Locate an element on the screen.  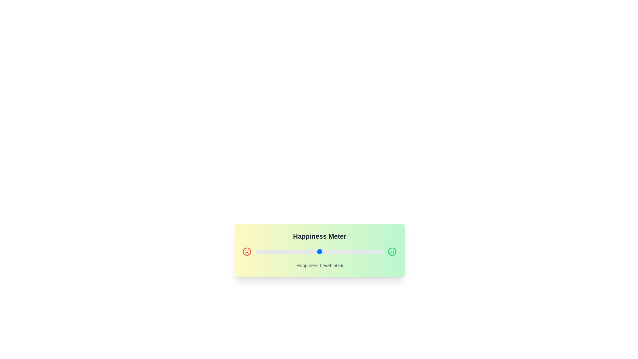
the slider to reset its value is located at coordinates (319, 251).